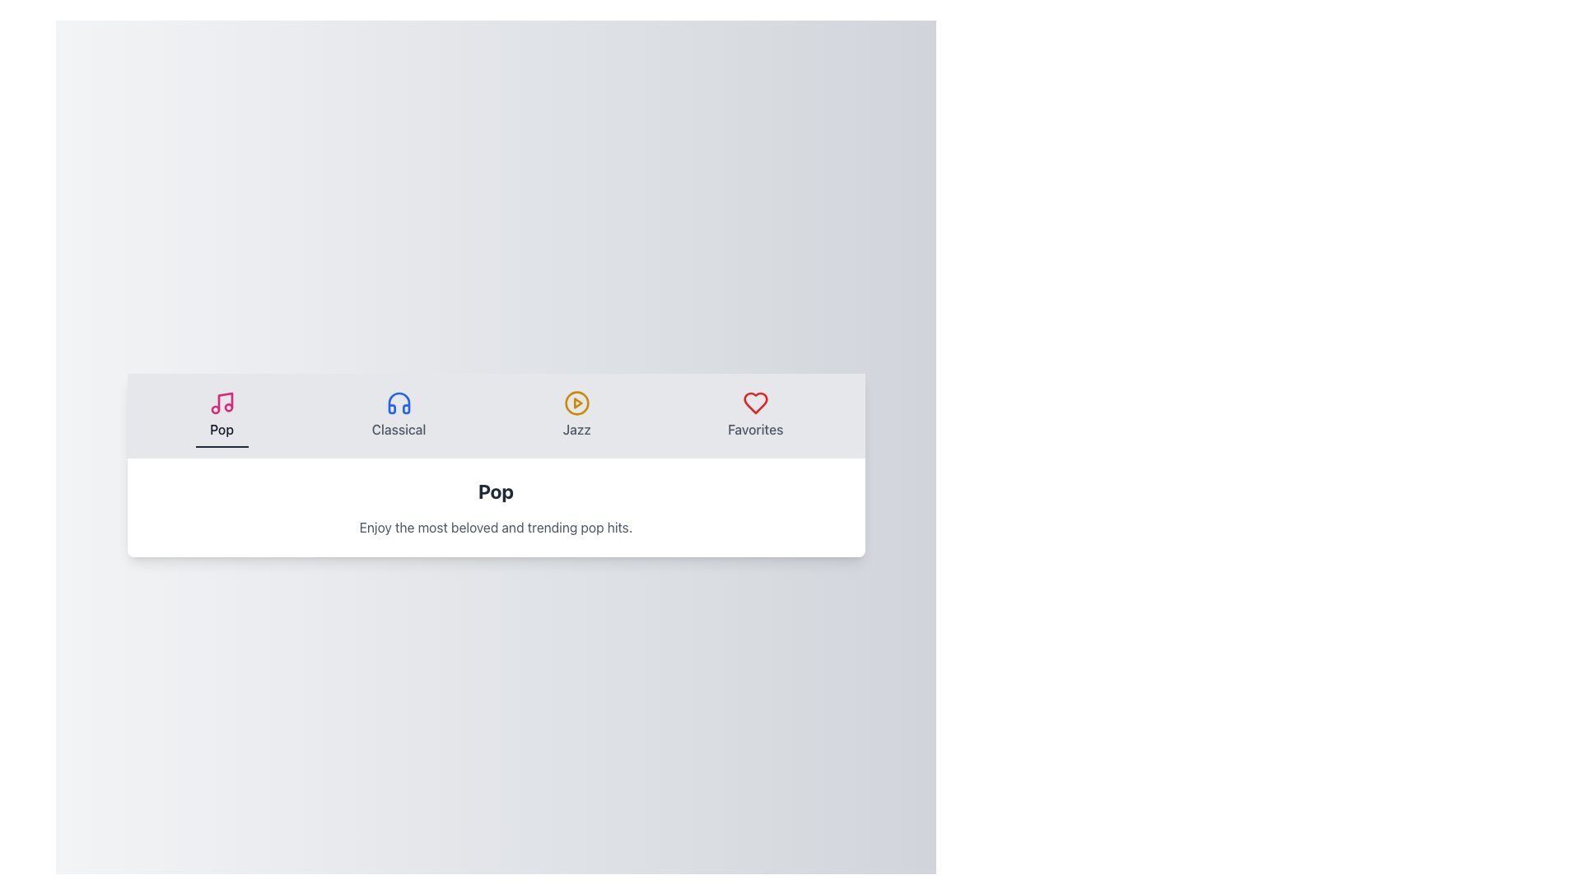  I want to click on the music icon representing the 'Classical' category, so click(399, 403).